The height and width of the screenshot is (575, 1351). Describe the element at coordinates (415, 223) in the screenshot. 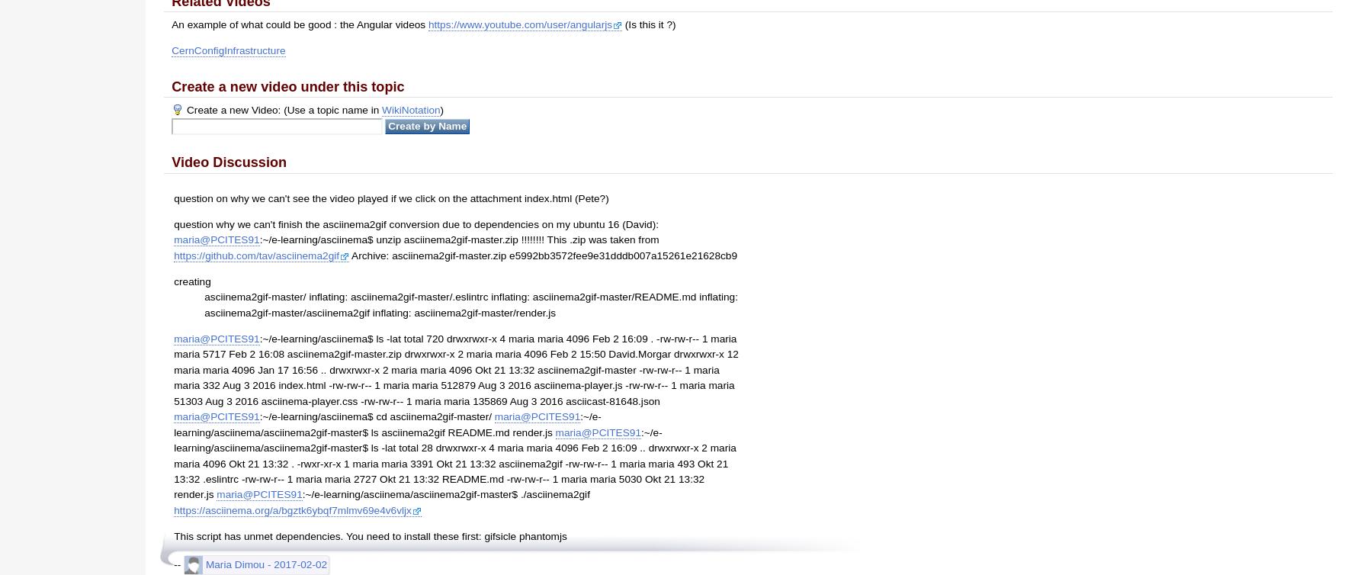

I see `'question why we can't finish the asciinema2gif conversion due to dependencies on my ubuntu 16 (David):'` at that location.